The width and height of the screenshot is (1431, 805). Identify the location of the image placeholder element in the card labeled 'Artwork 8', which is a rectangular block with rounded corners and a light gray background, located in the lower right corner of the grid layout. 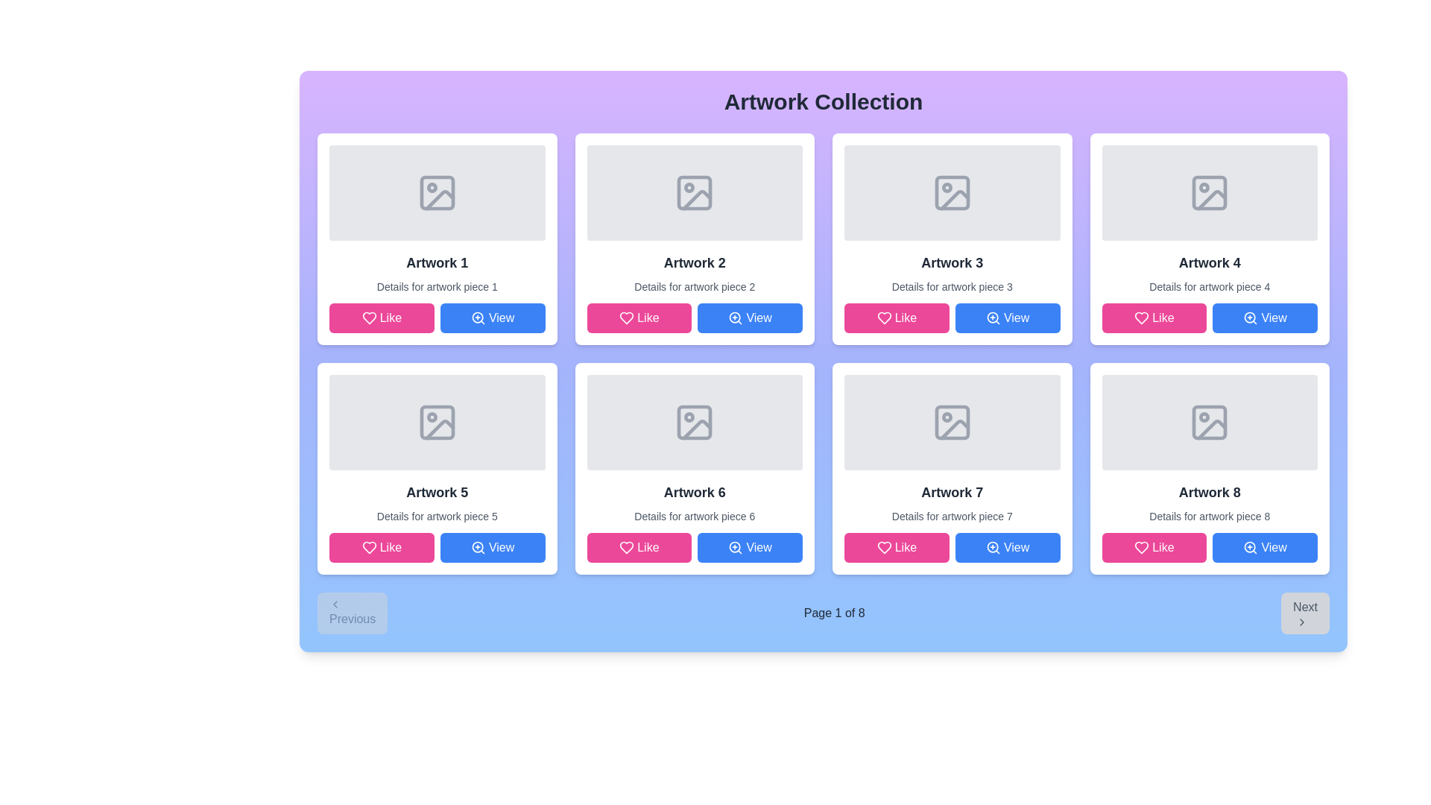
(1210, 423).